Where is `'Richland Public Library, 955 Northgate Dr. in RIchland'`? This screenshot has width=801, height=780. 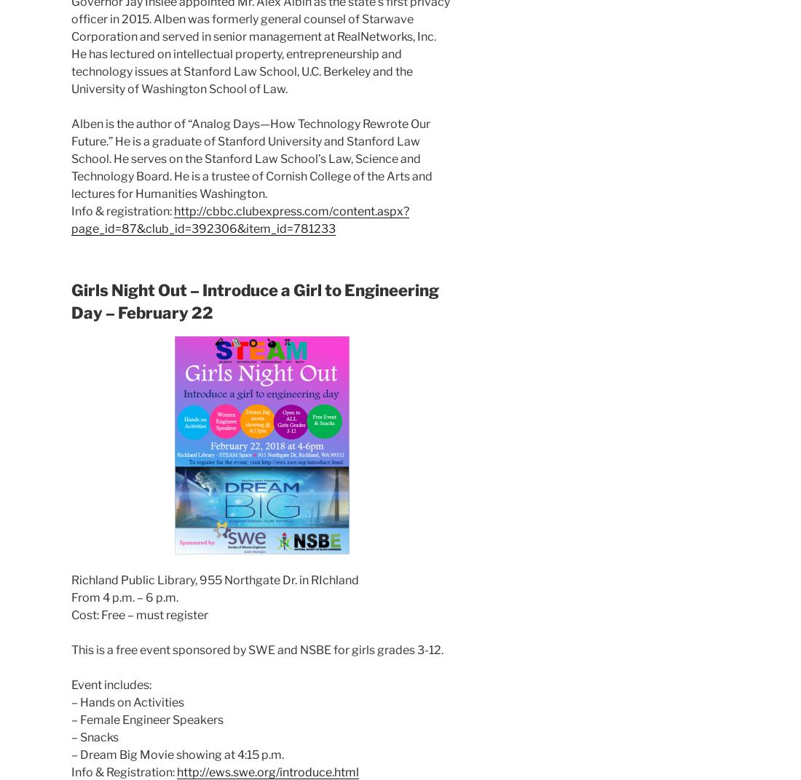
'Richland Public Library, 955 Northgate Dr. in RIchland' is located at coordinates (214, 579).